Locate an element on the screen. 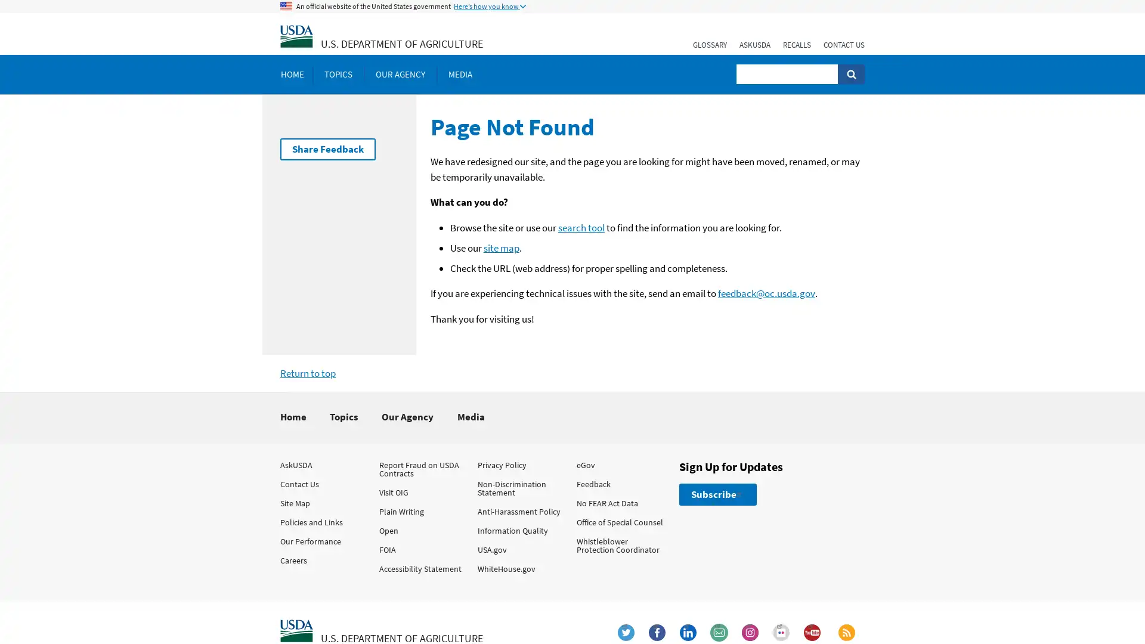 The height and width of the screenshot is (644, 1145). MEDIA is located at coordinates (460, 74).